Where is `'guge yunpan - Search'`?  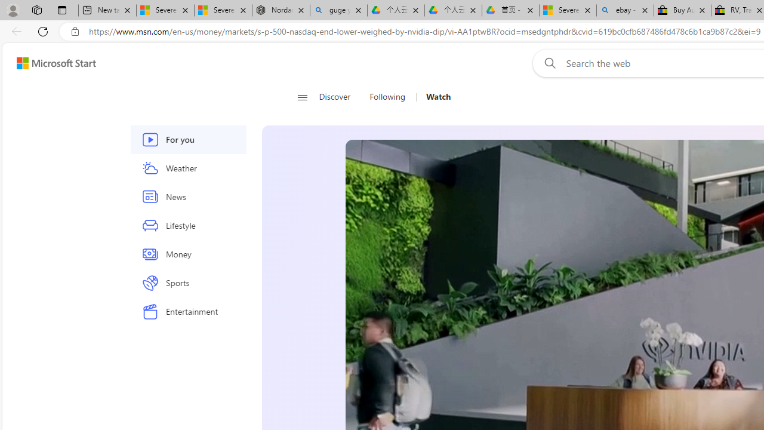
'guge yunpan - Search' is located at coordinates (338, 10).